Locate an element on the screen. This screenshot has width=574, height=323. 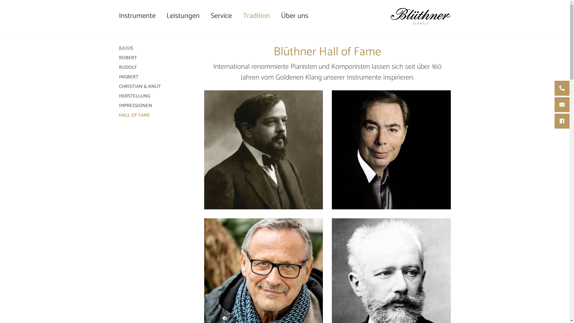
'Leistungen' is located at coordinates (161, 16).